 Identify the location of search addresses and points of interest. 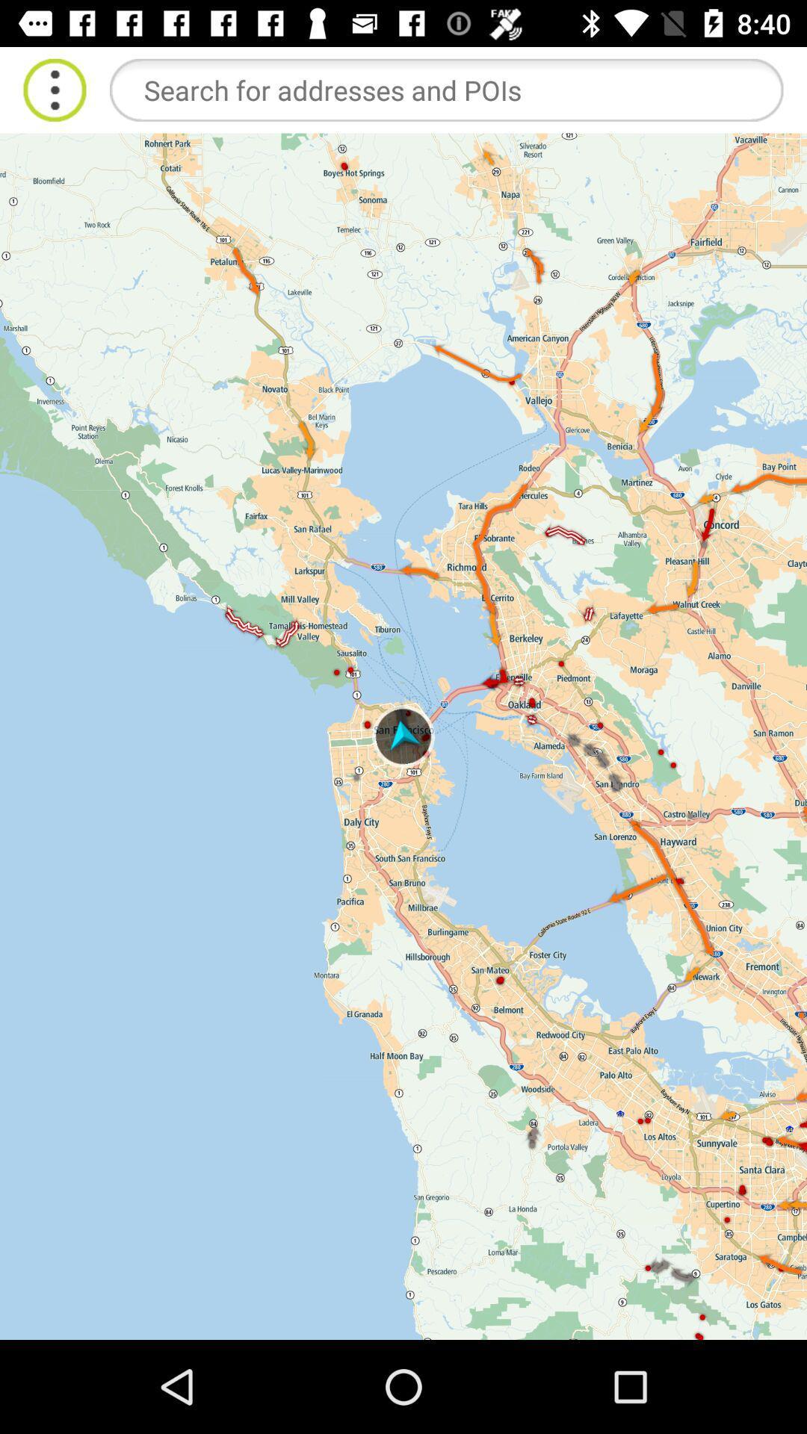
(445, 89).